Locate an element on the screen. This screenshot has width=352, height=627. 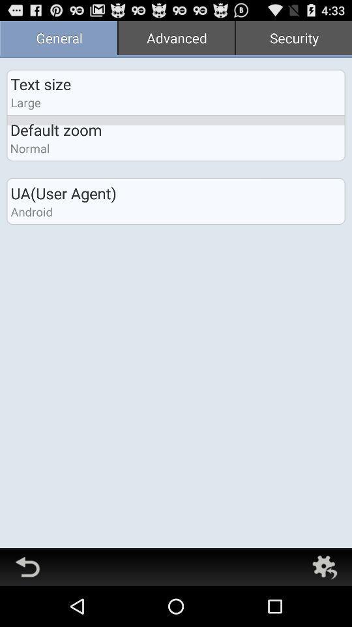
the settings icon is located at coordinates (323, 607).